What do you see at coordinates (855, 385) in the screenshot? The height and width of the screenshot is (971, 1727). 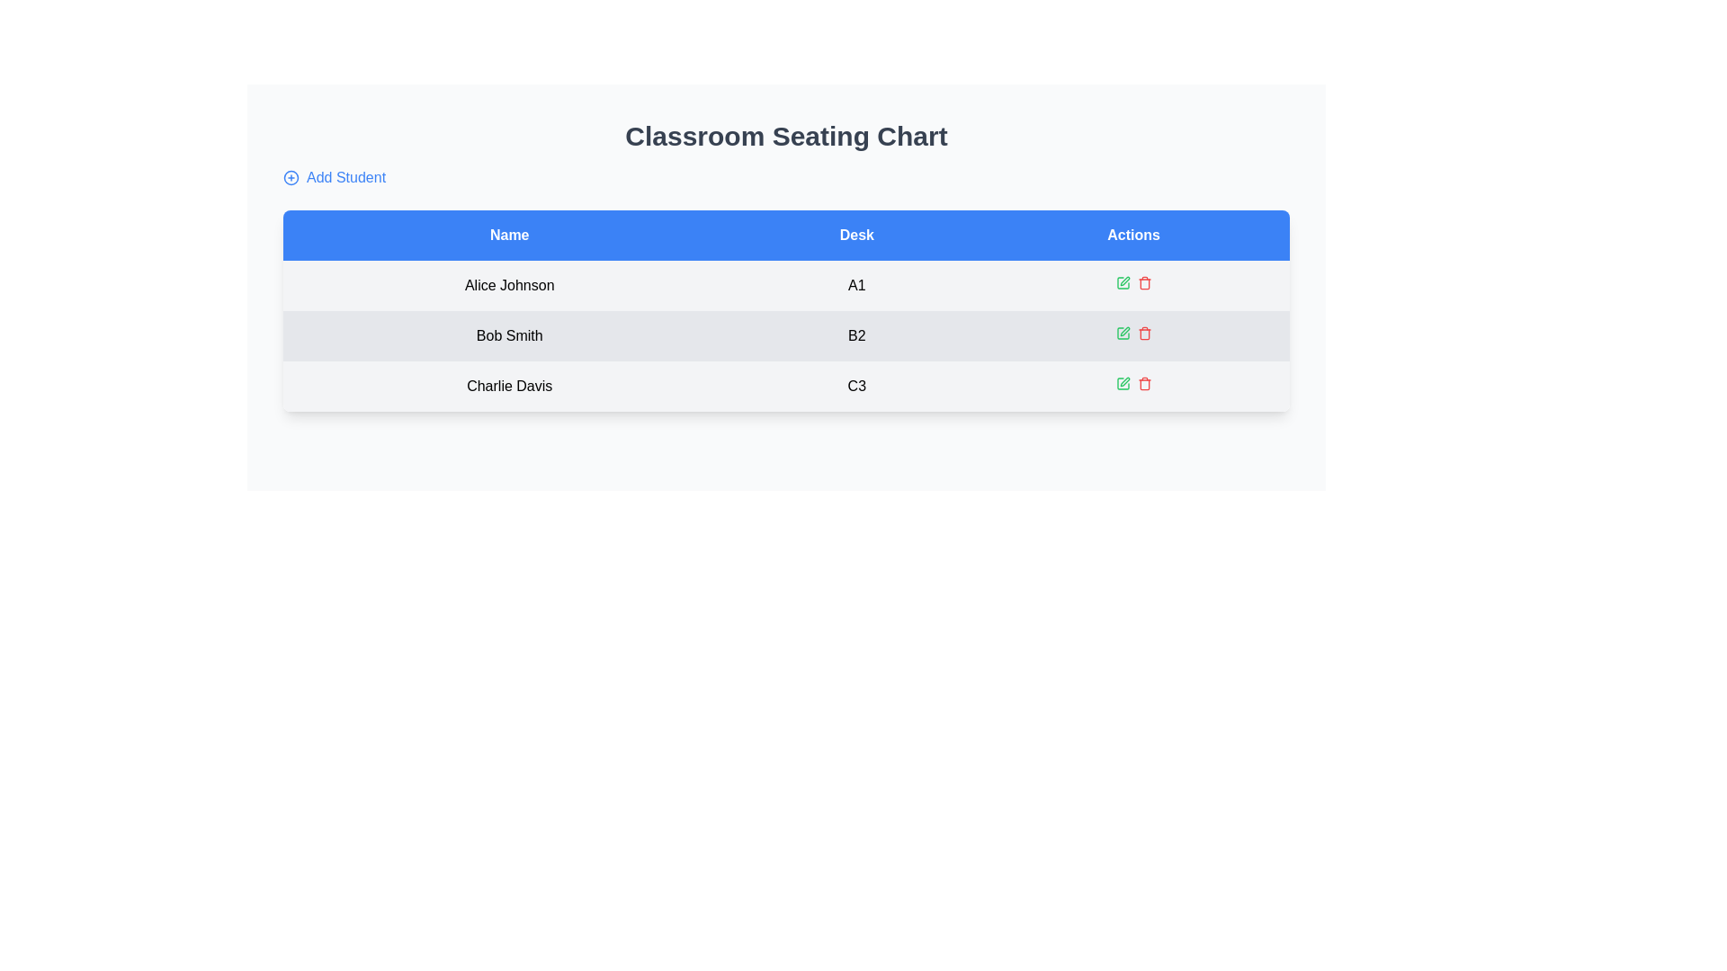 I see `the text label displaying 'C3' located in the second column of the third row of the table under the 'Desk' header, positioned between 'Charlie Davis' and the 'Actions' column` at bounding box center [855, 385].